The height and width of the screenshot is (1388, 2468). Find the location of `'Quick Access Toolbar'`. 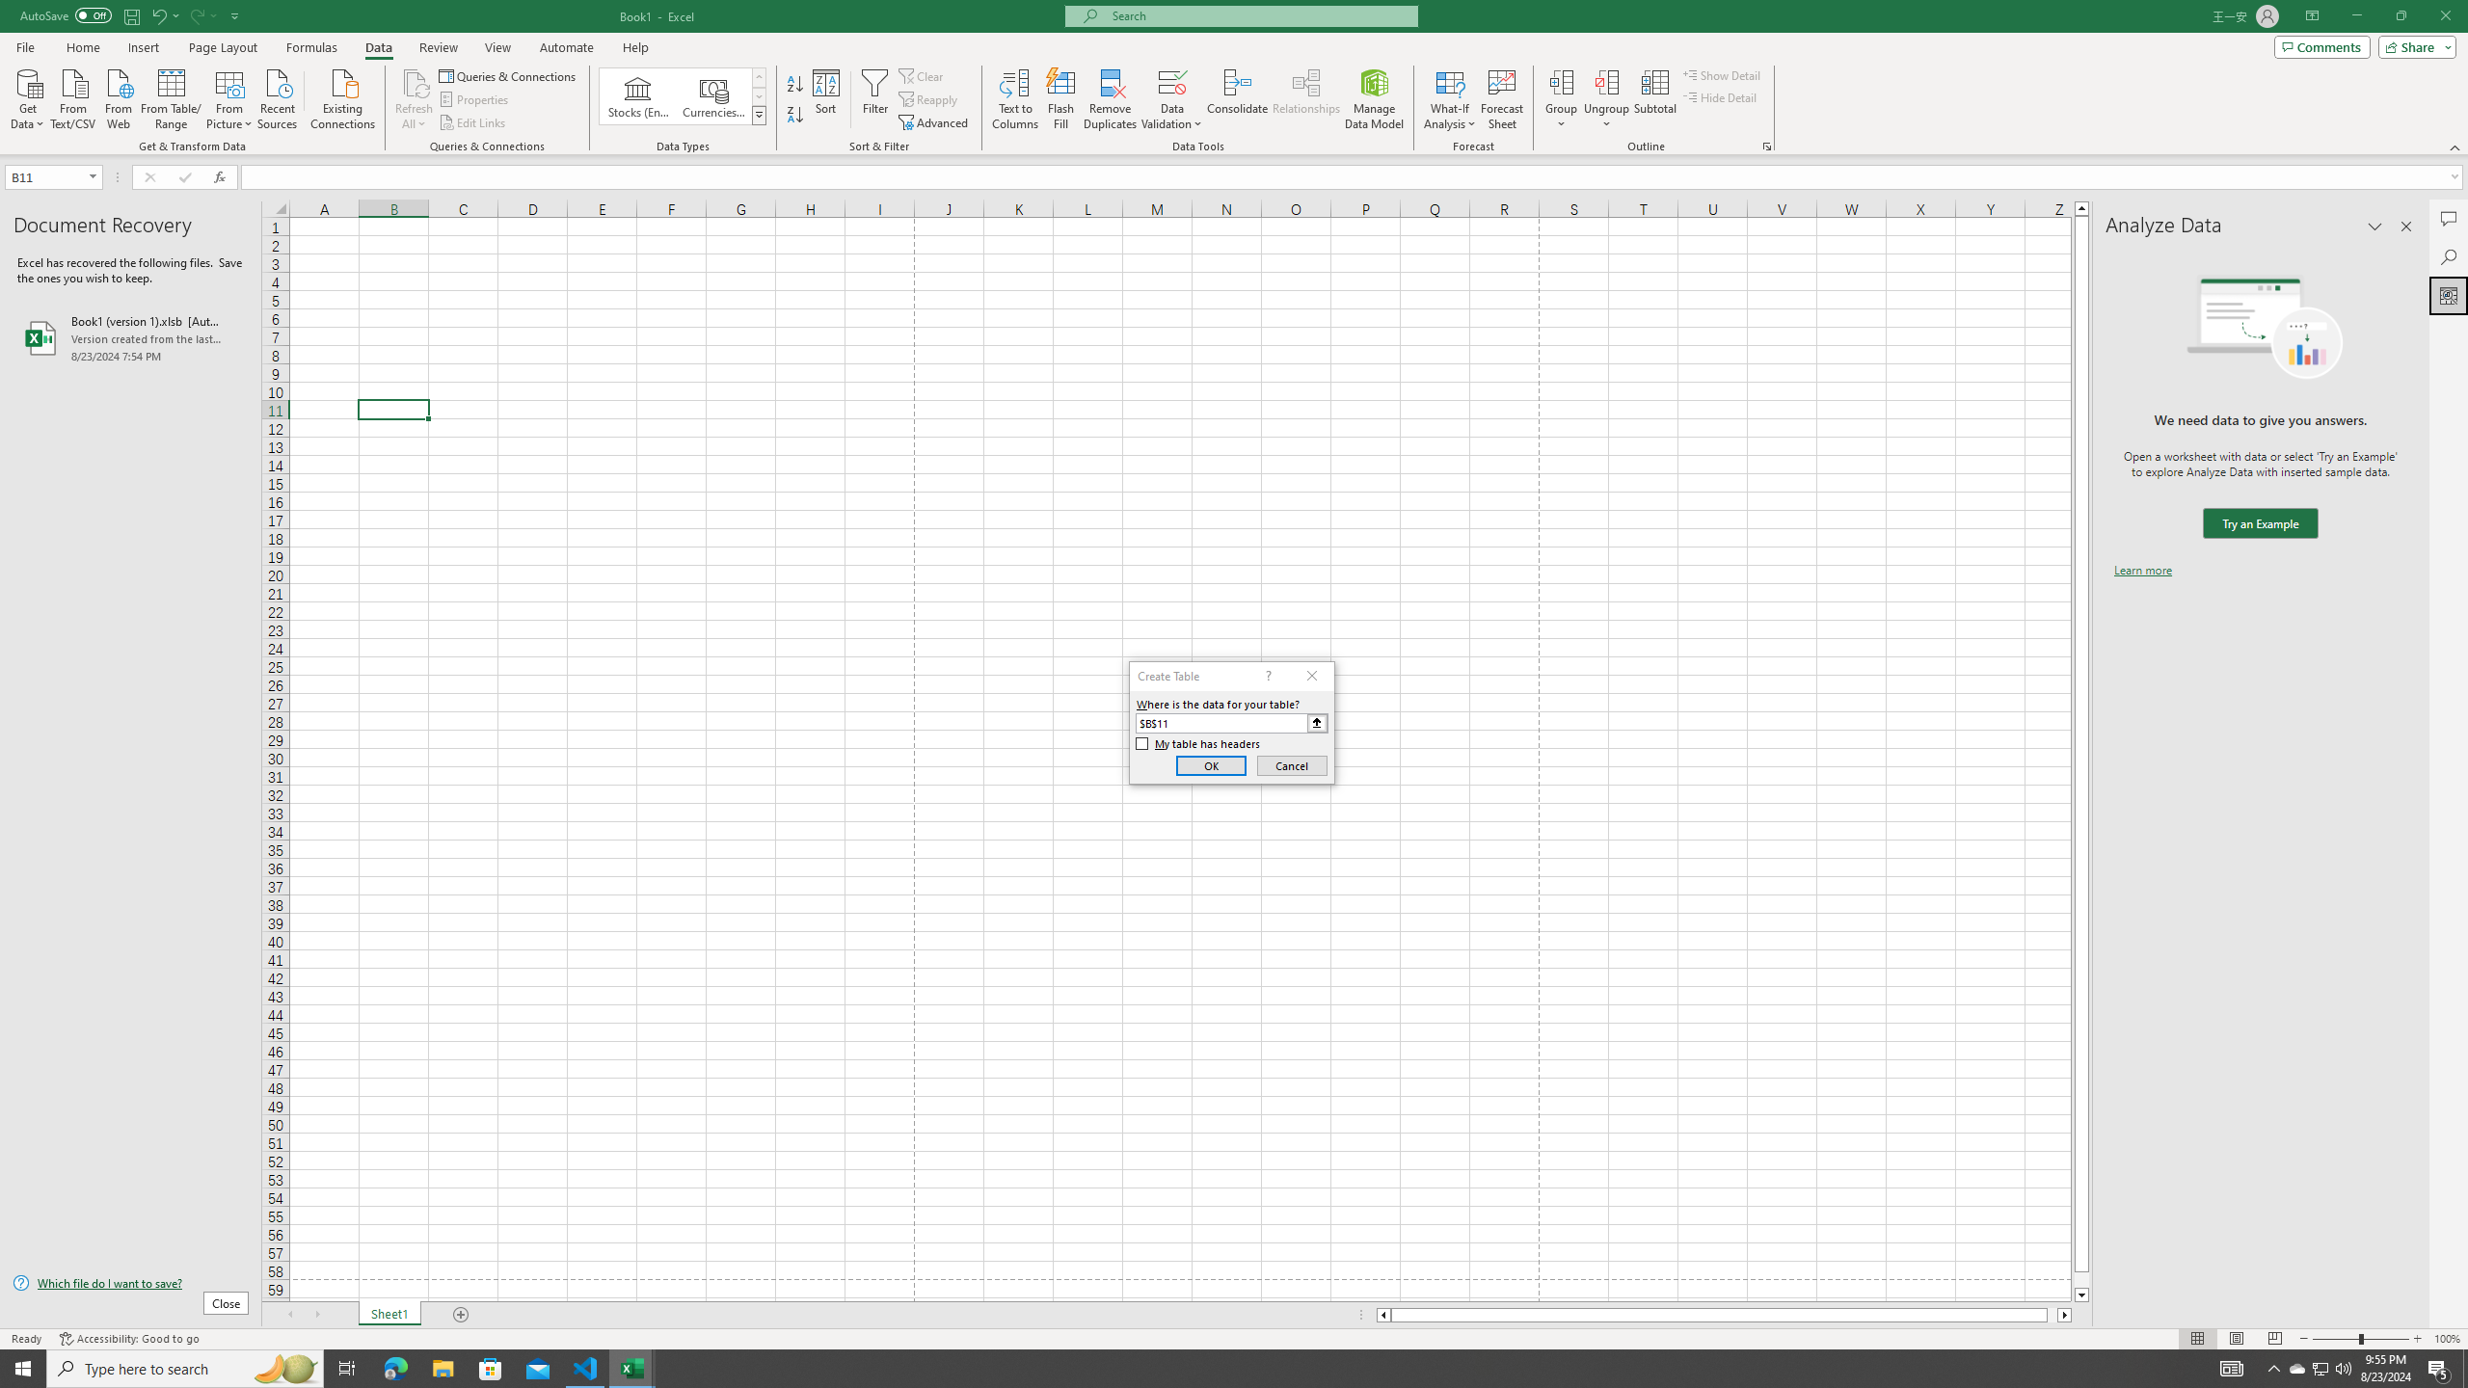

'Quick Access Toolbar' is located at coordinates (130, 15).